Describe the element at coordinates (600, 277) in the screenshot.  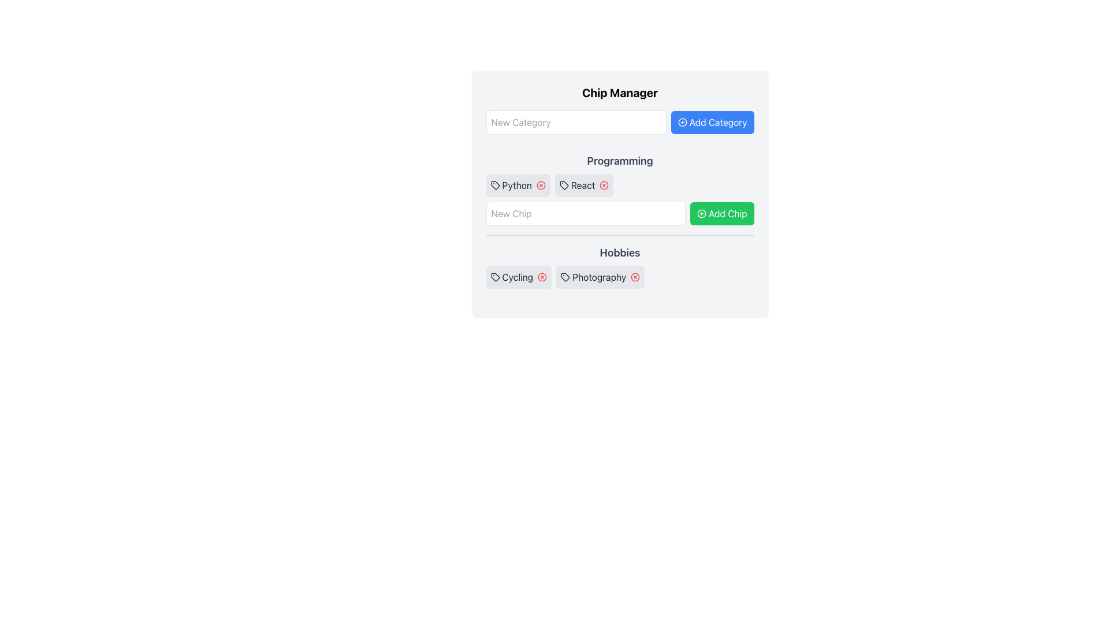
I see `the second chip in the 'Hobbies' section, which is to the right of the 'Cycling' chip` at that location.